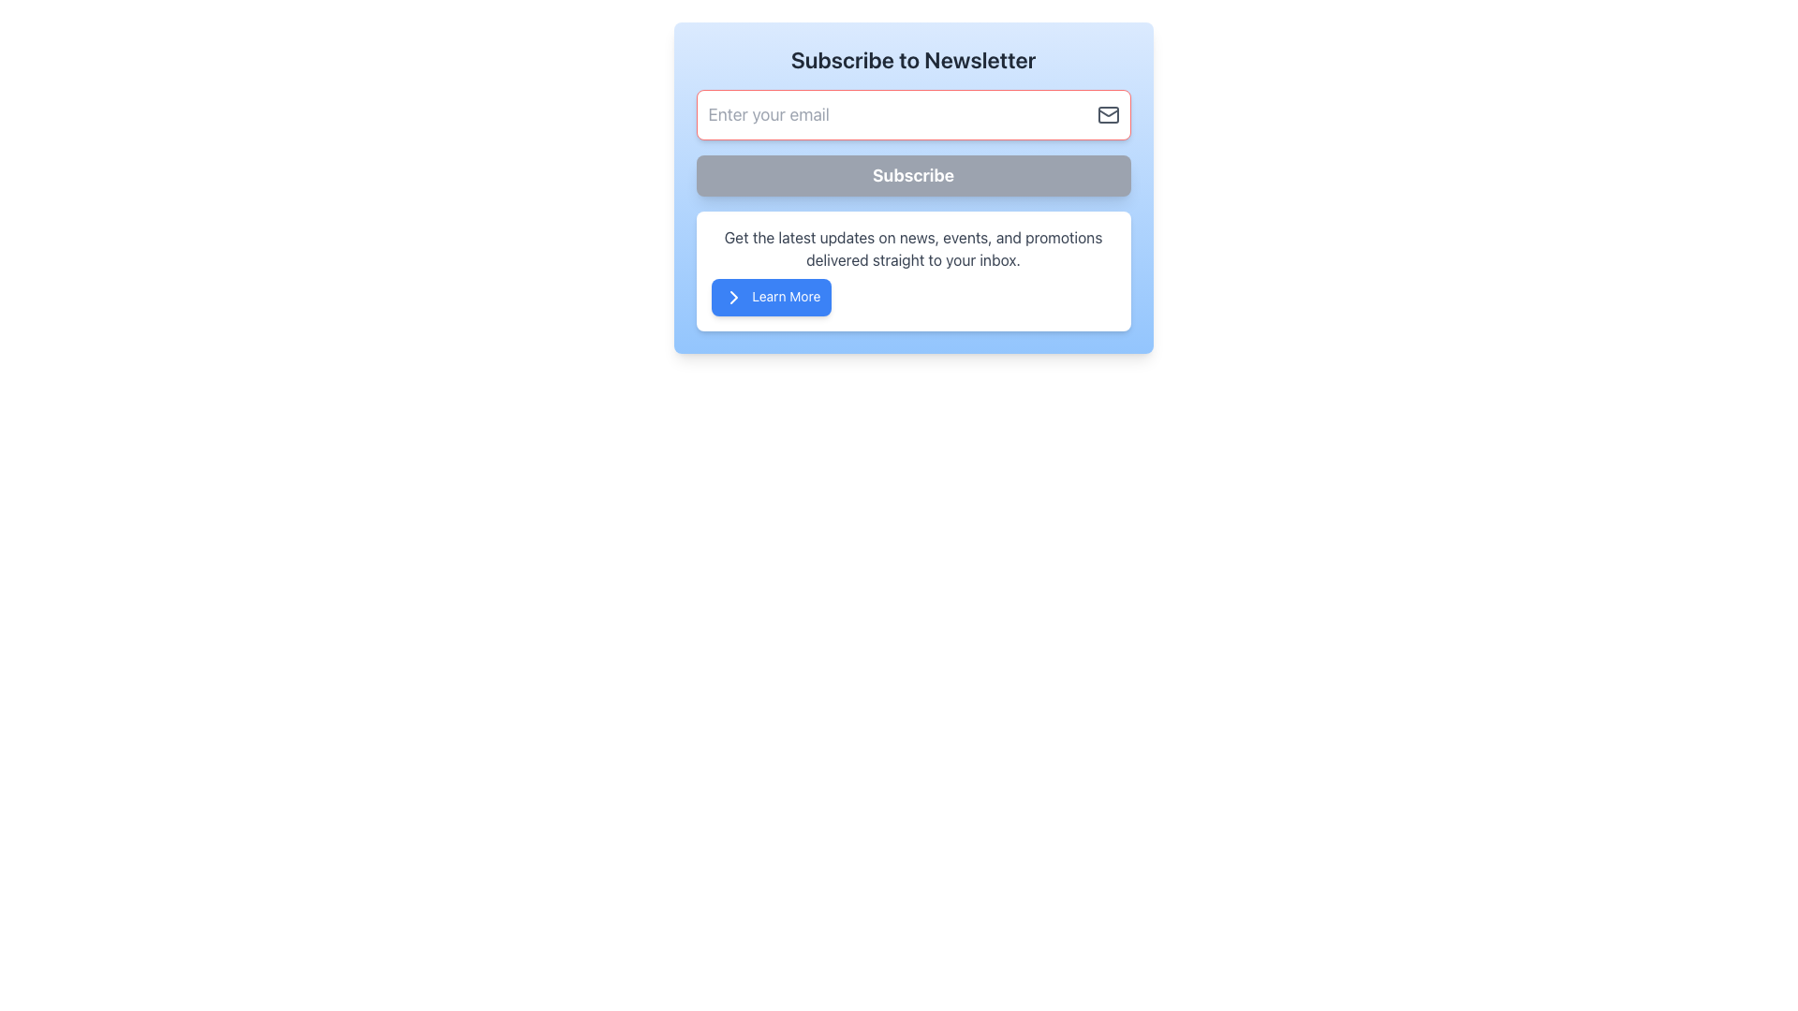  What do you see at coordinates (913, 271) in the screenshot?
I see `the informational panel's text to read details about updates and promotions` at bounding box center [913, 271].